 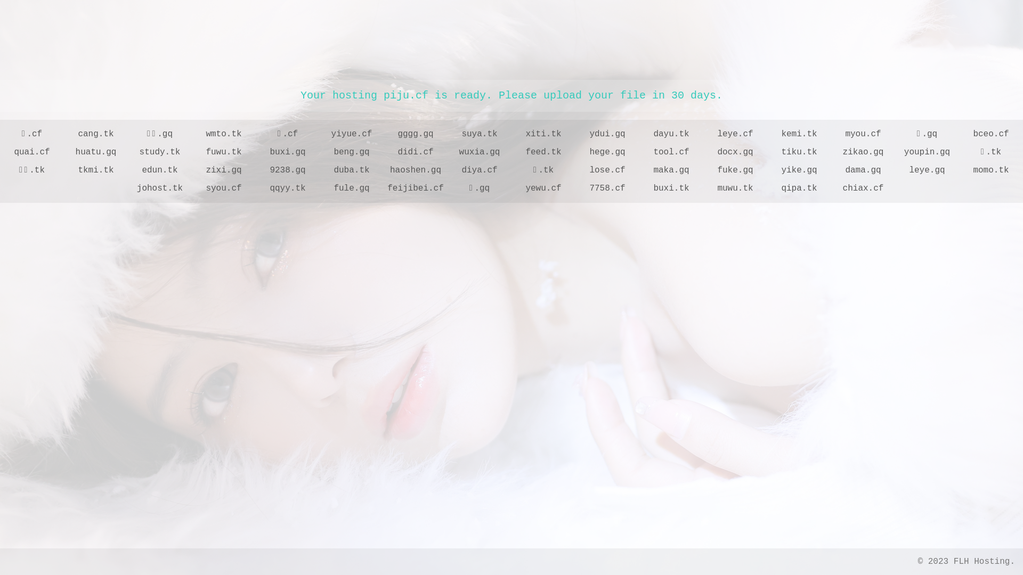 What do you see at coordinates (799, 188) in the screenshot?
I see `'qipa.tk'` at bounding box center [799, 188].